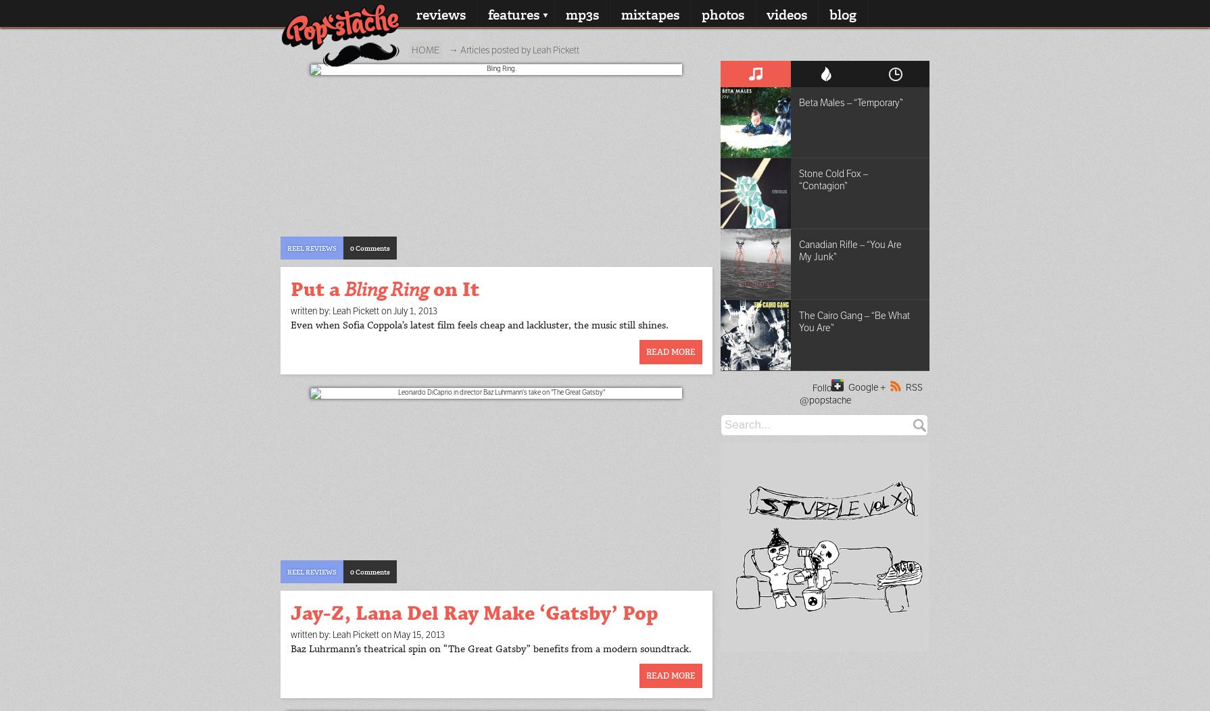  I want to click on 'Stone Cold Fox – “Contagion”', so click(833, 180).